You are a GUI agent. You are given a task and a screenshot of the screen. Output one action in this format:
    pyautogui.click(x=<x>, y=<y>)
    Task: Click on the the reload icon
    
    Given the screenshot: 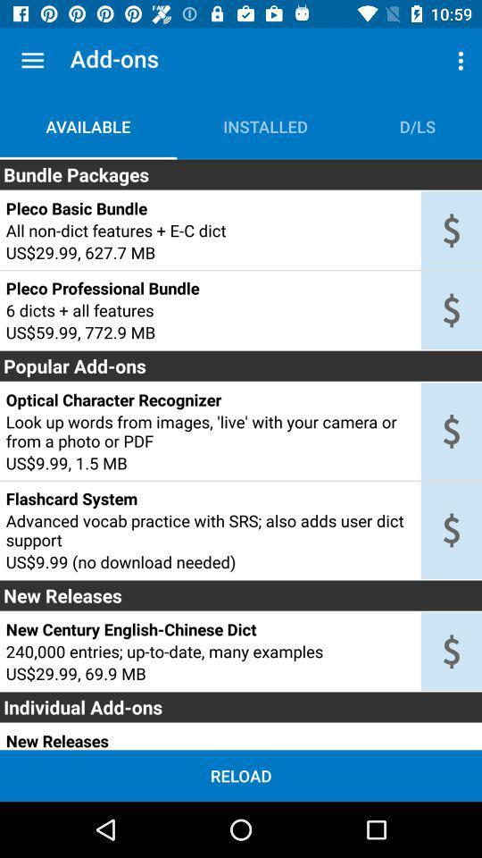 What is the action you would take?
    pyautogui.click(x=241, y=775)
    